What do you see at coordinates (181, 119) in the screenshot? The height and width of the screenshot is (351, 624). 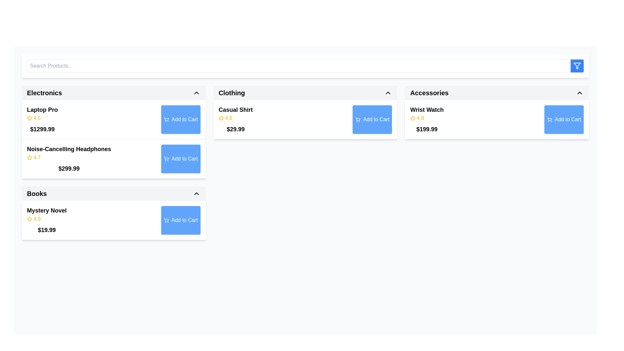 I see `the blue 'Add to Cart' button with a shopping cart icon located to the right of the price '$1299.99' for the product 'Laptop Pro'` at bounding box center [181, 119].